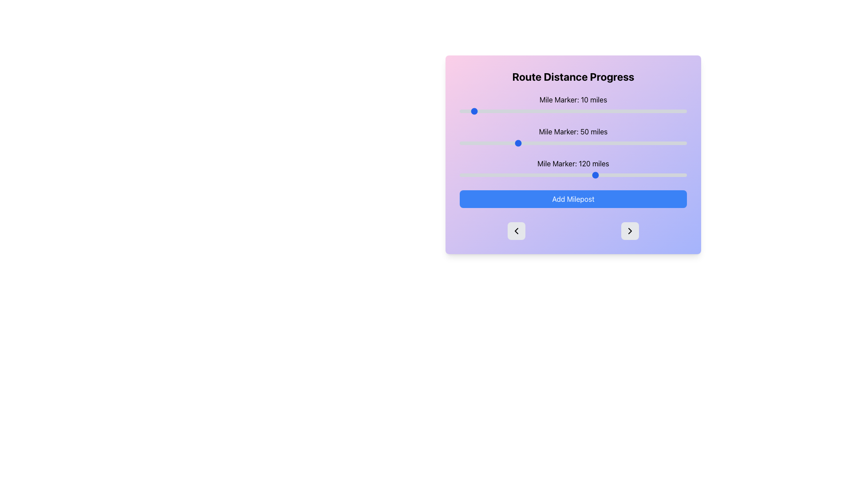  Describe the element at coordinates (501, 143) in the screenshot. I see `the mile marker` at that location.